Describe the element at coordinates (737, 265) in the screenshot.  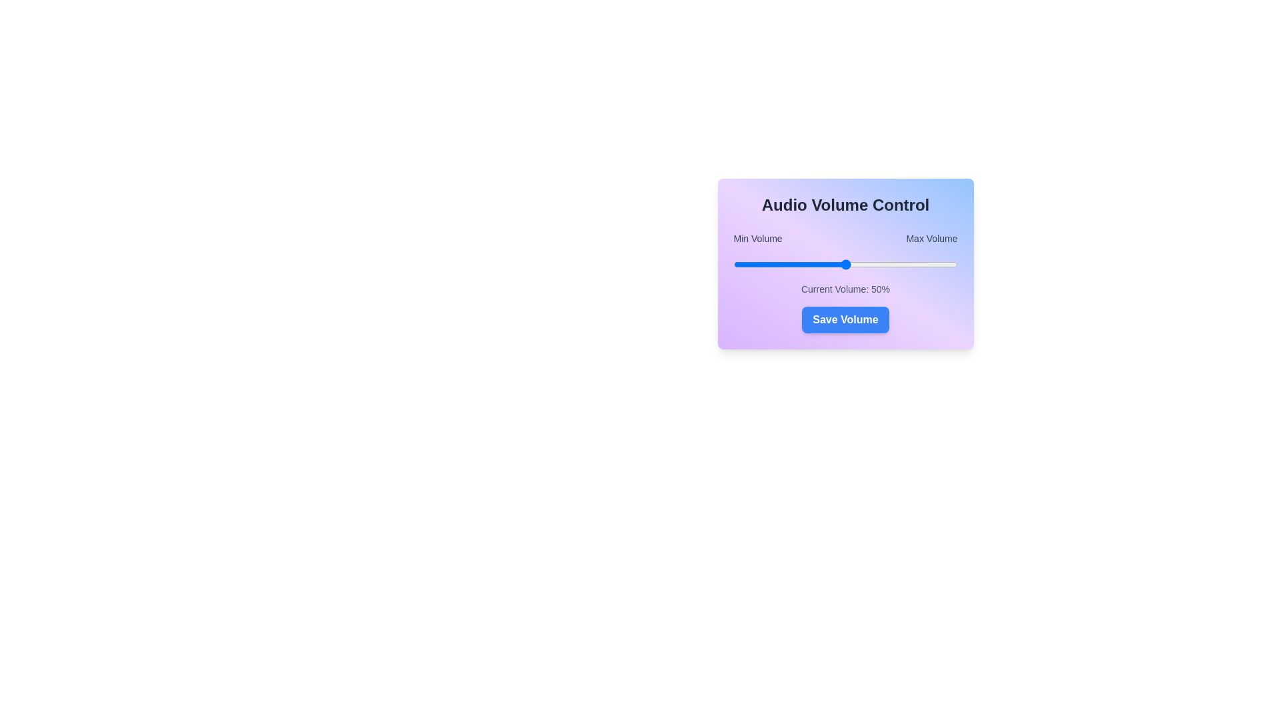
I see `the volume slider to set the volume to 2%` at that location.